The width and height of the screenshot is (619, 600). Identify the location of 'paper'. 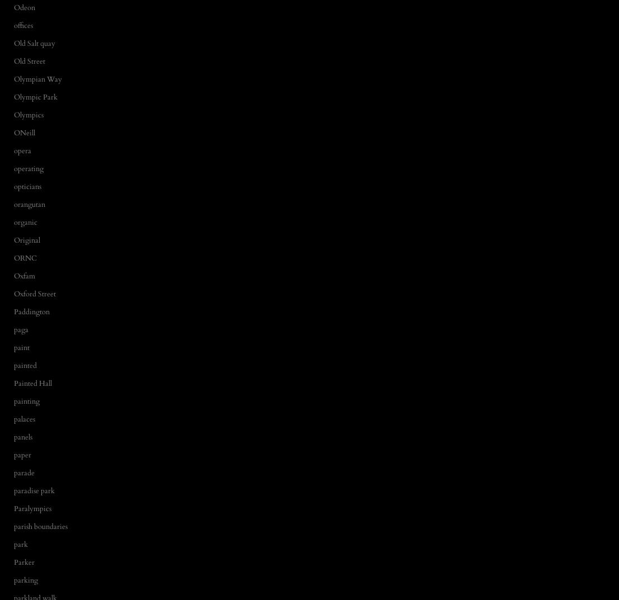
(14, 455).